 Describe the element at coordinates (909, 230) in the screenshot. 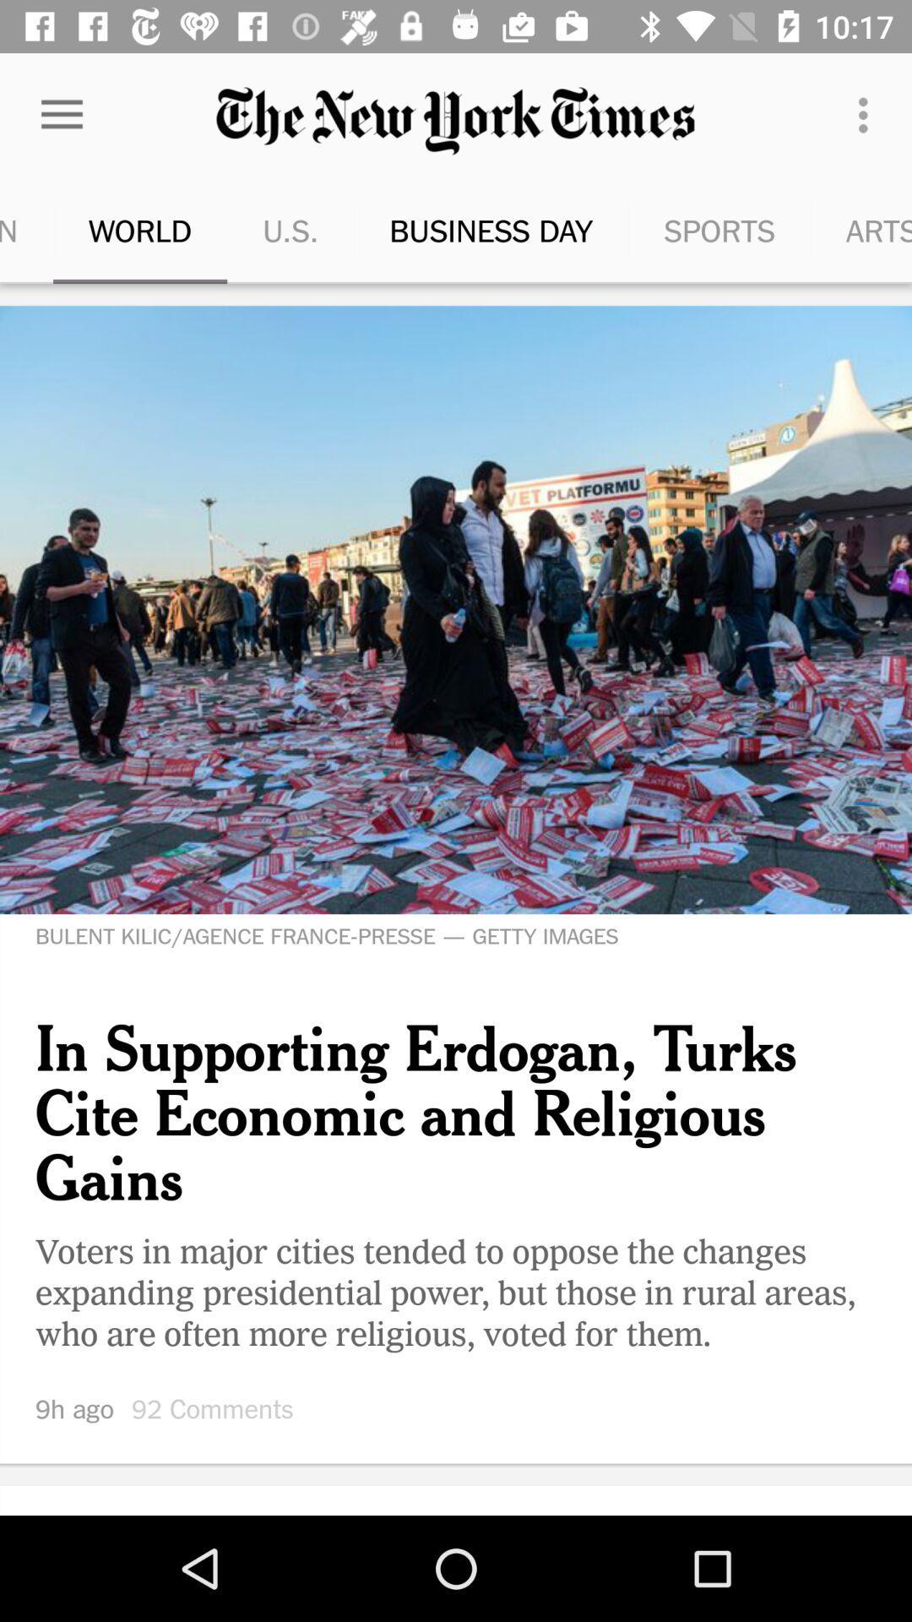

I see `new york item` at that location.